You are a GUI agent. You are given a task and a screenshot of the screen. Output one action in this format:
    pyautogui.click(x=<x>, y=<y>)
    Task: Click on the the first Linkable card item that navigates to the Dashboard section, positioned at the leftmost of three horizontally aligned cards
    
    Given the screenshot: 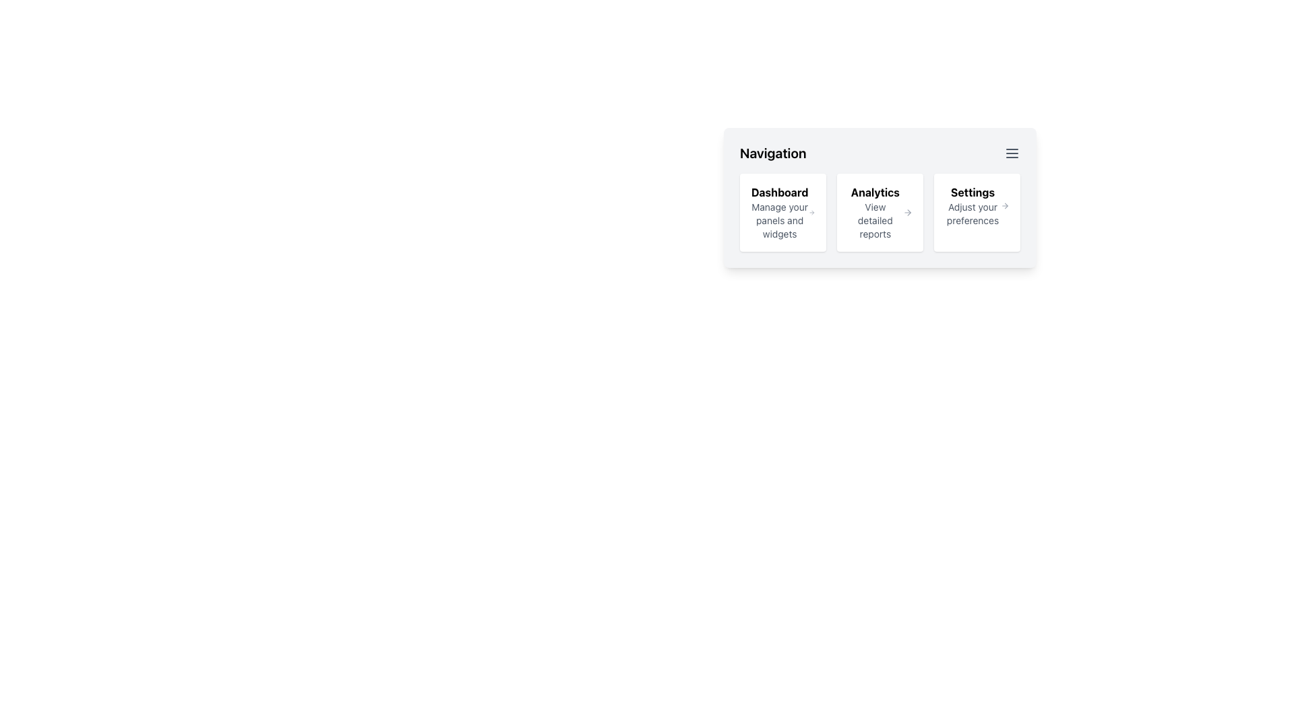 What is the action you would take?
    pyautogui.click(x=782, y=212)
    